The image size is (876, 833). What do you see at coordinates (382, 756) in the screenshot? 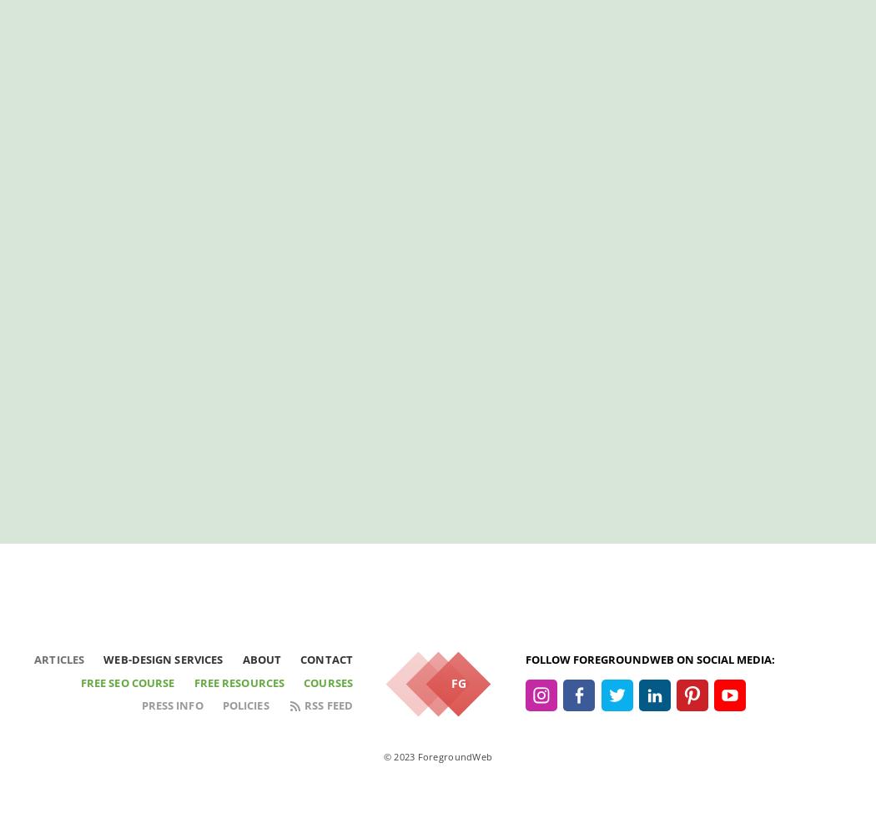
I see `'© 2023 ForegroundWeb'` at bounding box center [382, 756].